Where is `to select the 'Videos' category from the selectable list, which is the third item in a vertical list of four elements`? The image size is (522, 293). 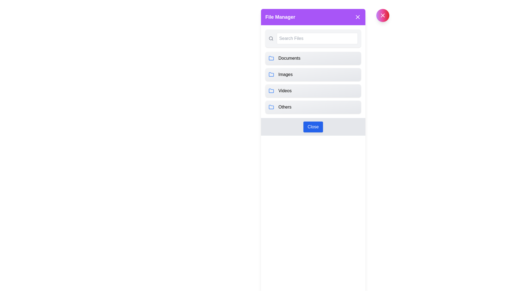 to select the 'Videos' category from the selectable list, which is the third item in a vertical list of four elements is located at coordinates (313, 91).